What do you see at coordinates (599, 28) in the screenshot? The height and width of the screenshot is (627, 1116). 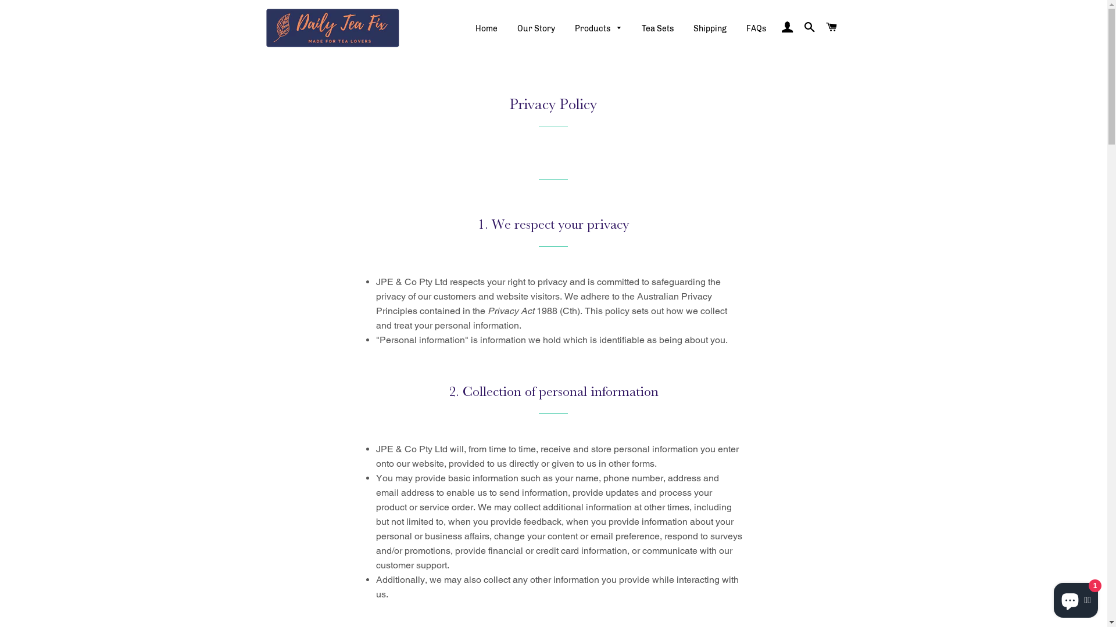 I see `'Products'` at bounding box center [599, 28].